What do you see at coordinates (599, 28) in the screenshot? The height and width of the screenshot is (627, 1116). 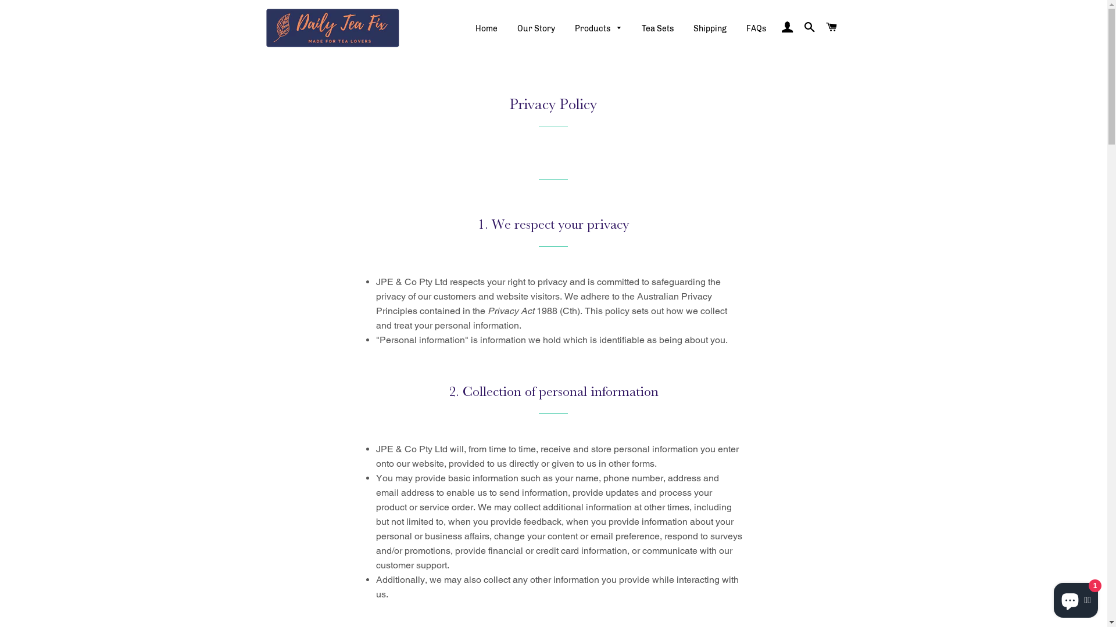 I see `'Products'` at bounding box center [599, 28].